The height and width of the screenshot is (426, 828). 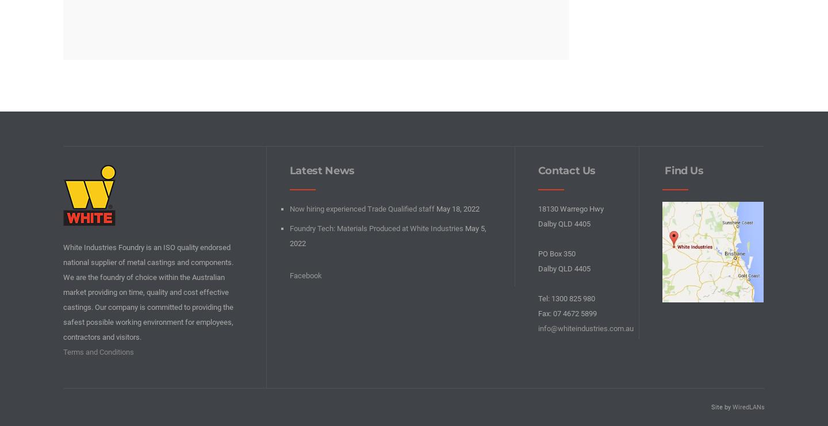 What do you see at coordinates (361, 208) in the screenshot?
I see `'Now hiring experienced Trade Qualified staff'` at bounding box center [361, 208].